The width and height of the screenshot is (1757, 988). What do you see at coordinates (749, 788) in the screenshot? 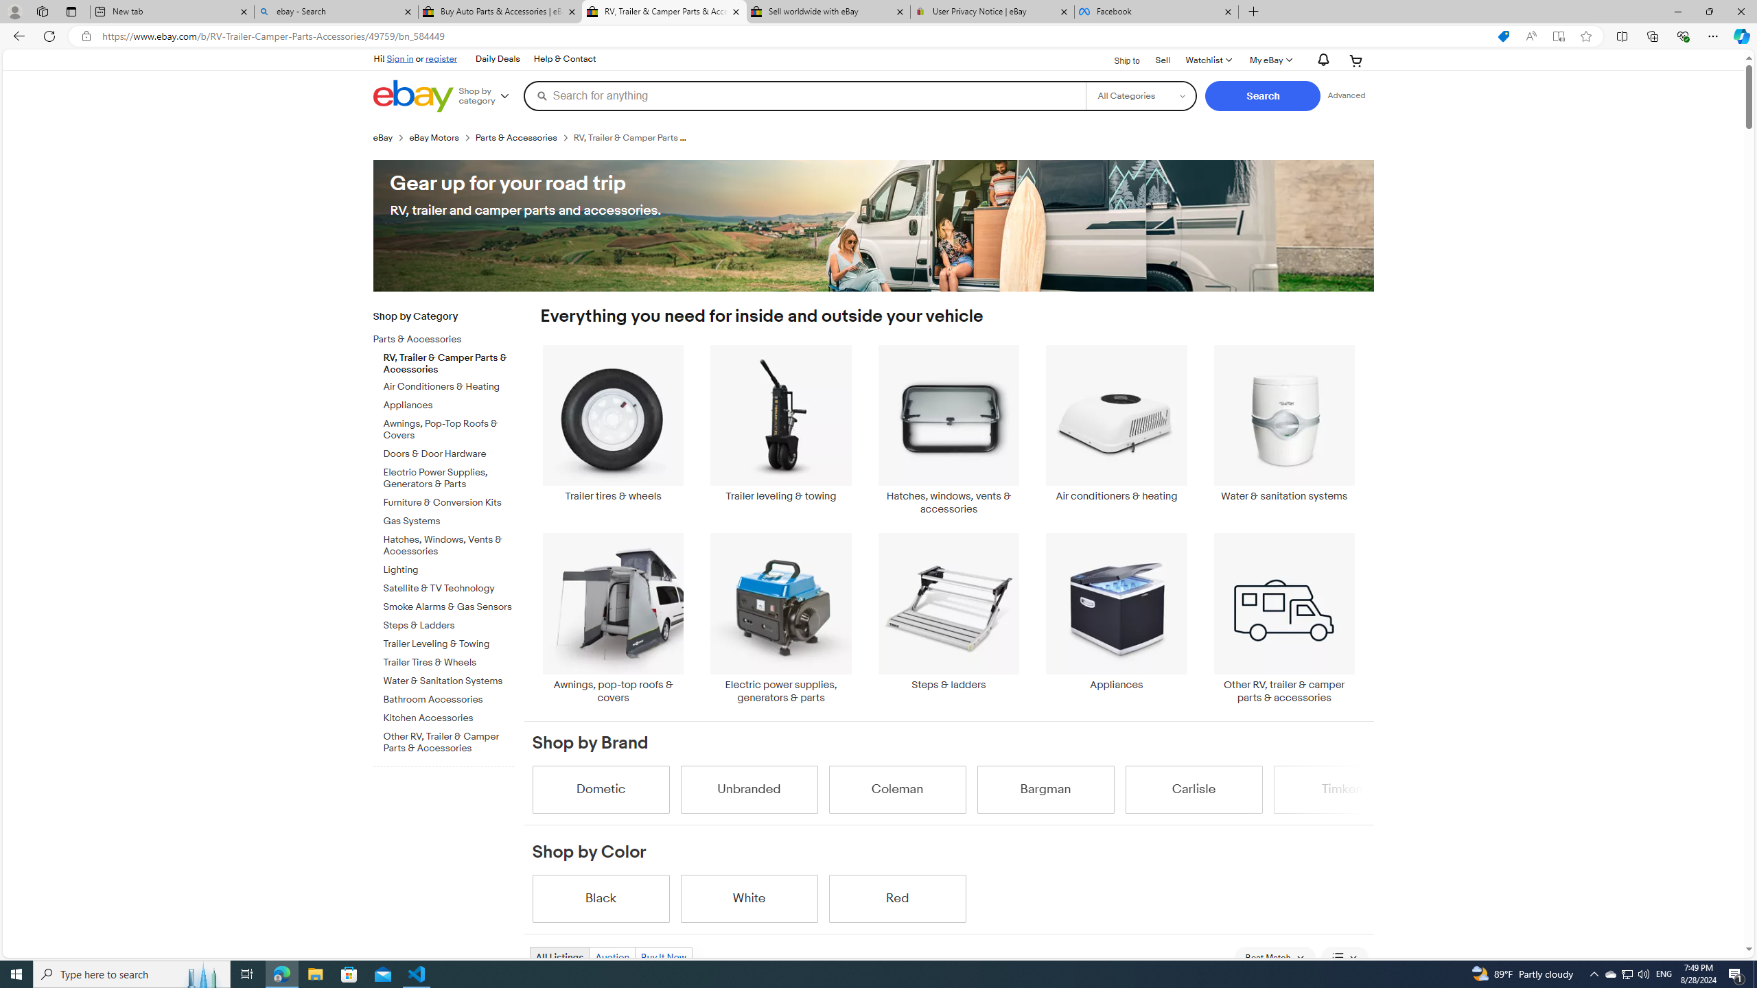
I see `'Unbranded'` at bounding box center [749, 788].